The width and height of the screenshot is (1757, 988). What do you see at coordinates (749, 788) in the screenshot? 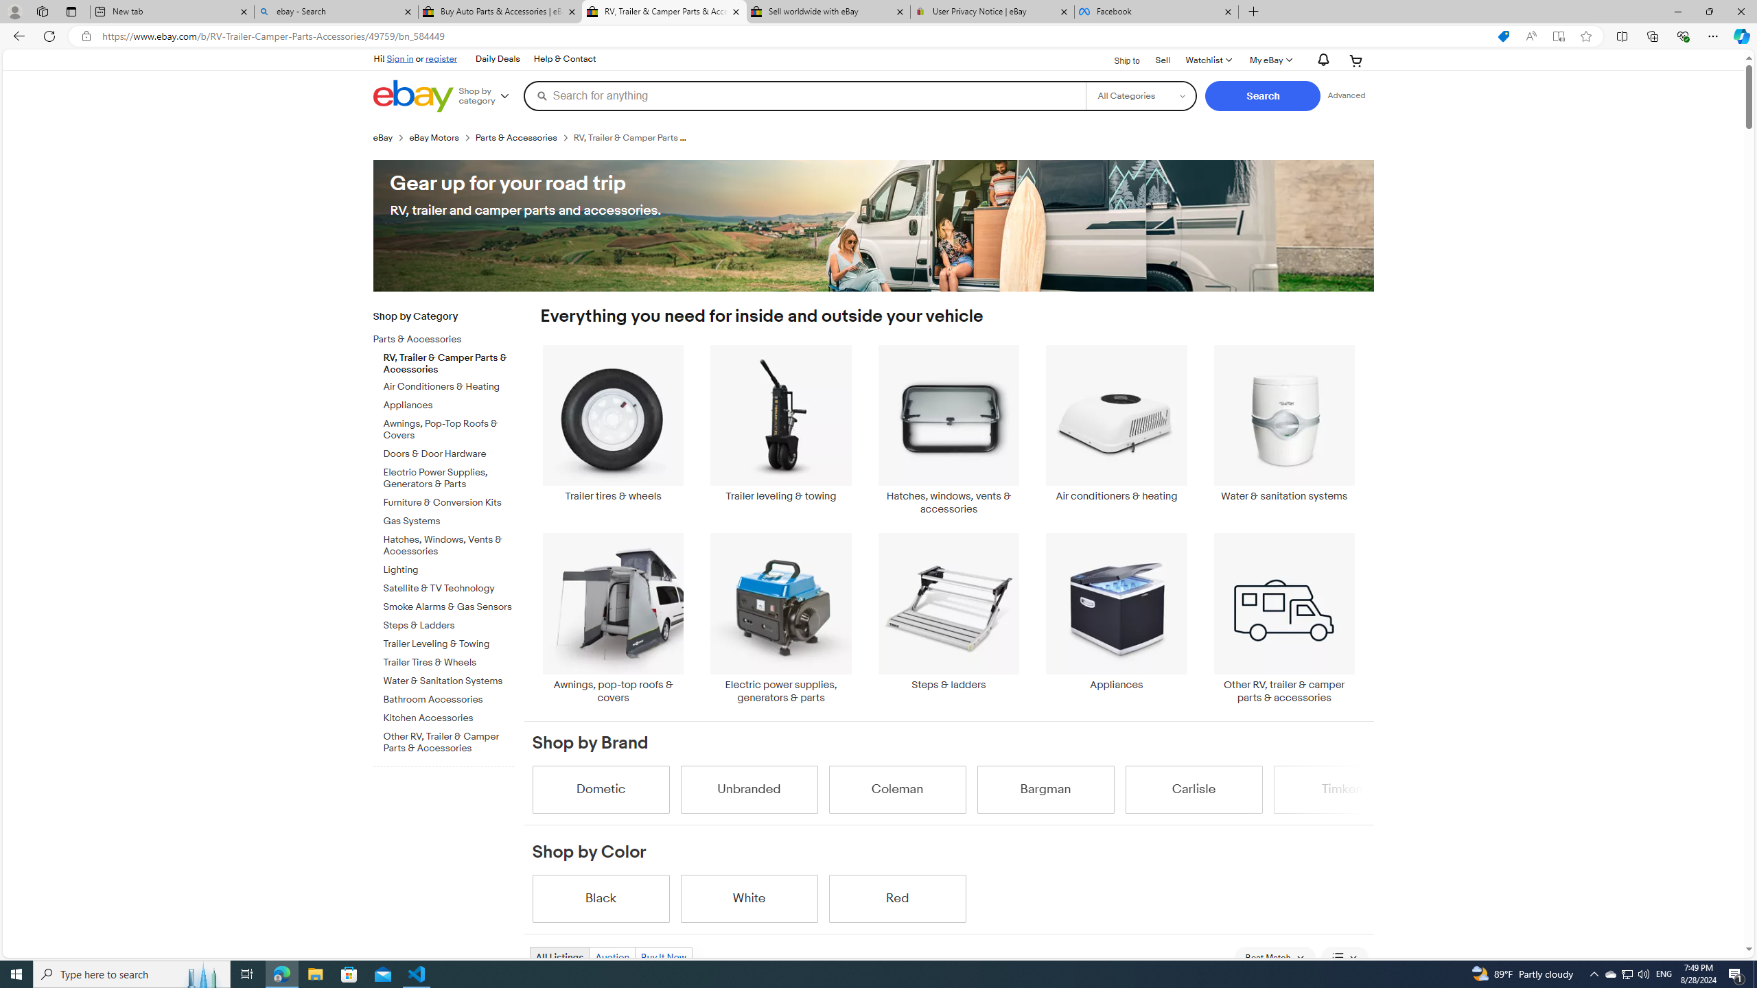
I see `'Unbranded'` at bounding box center [749, 788].